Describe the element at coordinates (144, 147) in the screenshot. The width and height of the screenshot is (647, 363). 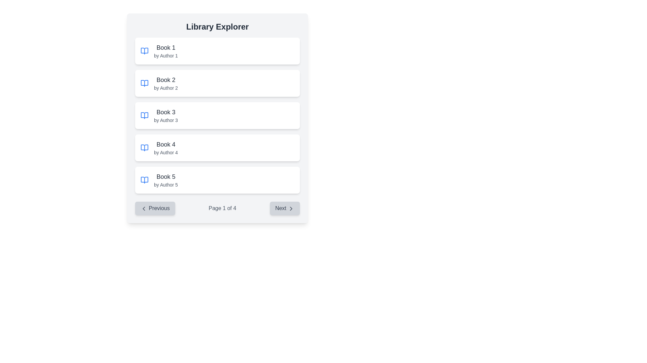
I see `the blue open book icon located in the fourth row of the 'Library Explorer' section, which is positioned to the left of the text 'Book 4 by Author 4'` at that location.